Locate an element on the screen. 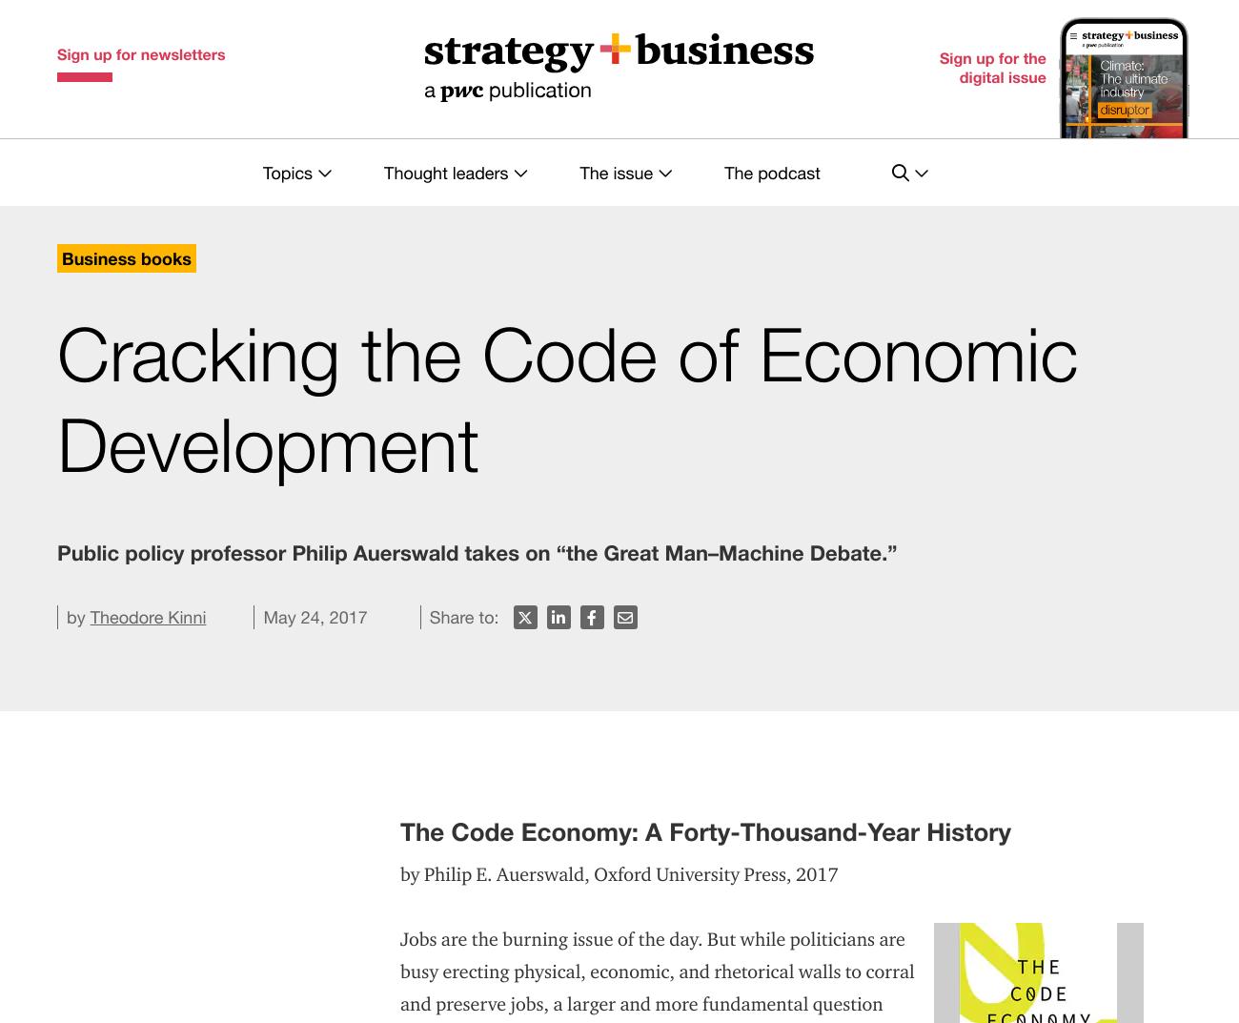 The width and height of the screenshot is (1239, 1023). 'b' is located at coordinates (71, 918).